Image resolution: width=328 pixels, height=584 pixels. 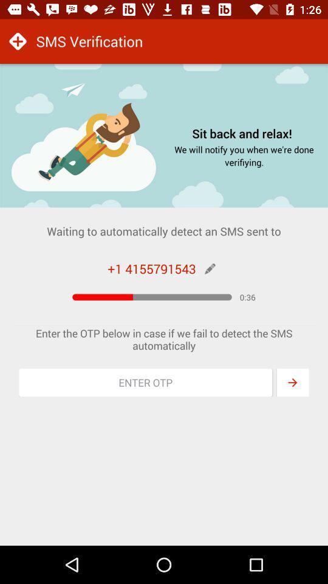 What do you see at coordinates (292, 382) in the screenshot?
I see `the arrow_forward icon` at bounding box center [292, 382].